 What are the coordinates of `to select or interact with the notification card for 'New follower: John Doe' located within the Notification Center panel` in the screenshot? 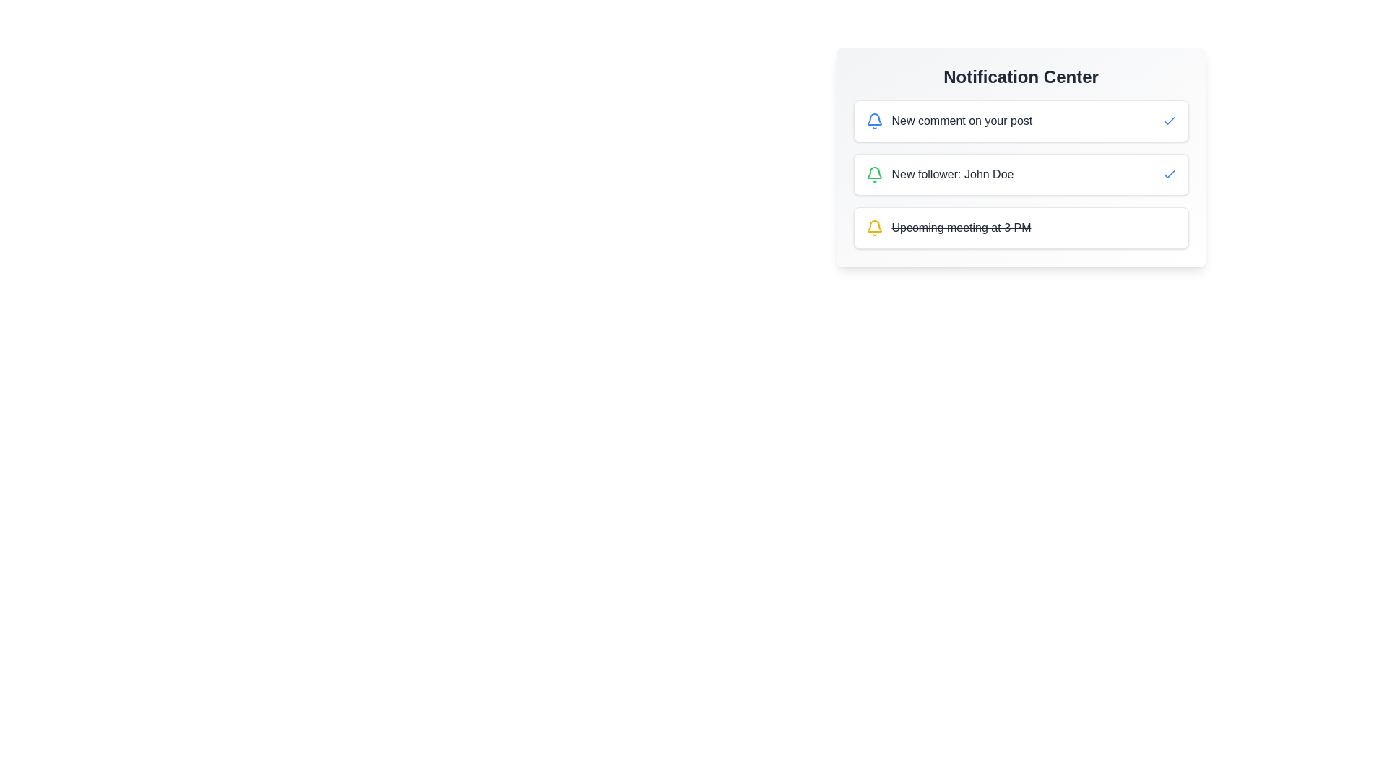 It's located at (1020, 157).